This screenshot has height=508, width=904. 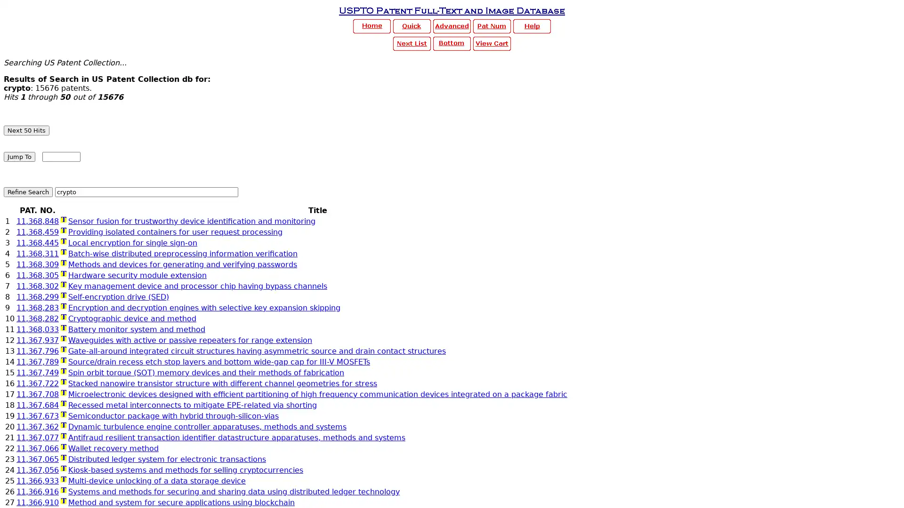 I want to click on Jump To, so click(x=19, y=156).